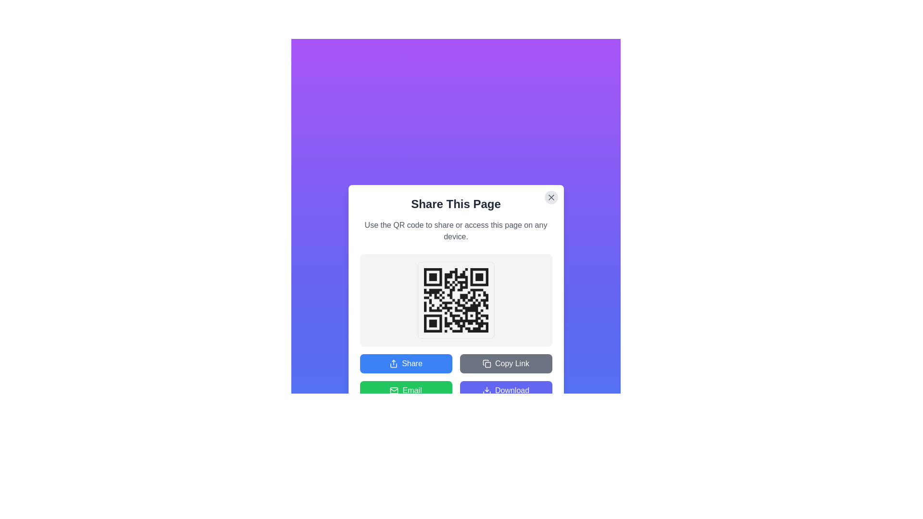 The height and width of the screenshot is (519, 923). Describe the element at coordinates (406, 391) in the screenshot. I see `the email action button located in the bottom row of the grid layout, first from the left` at that location.